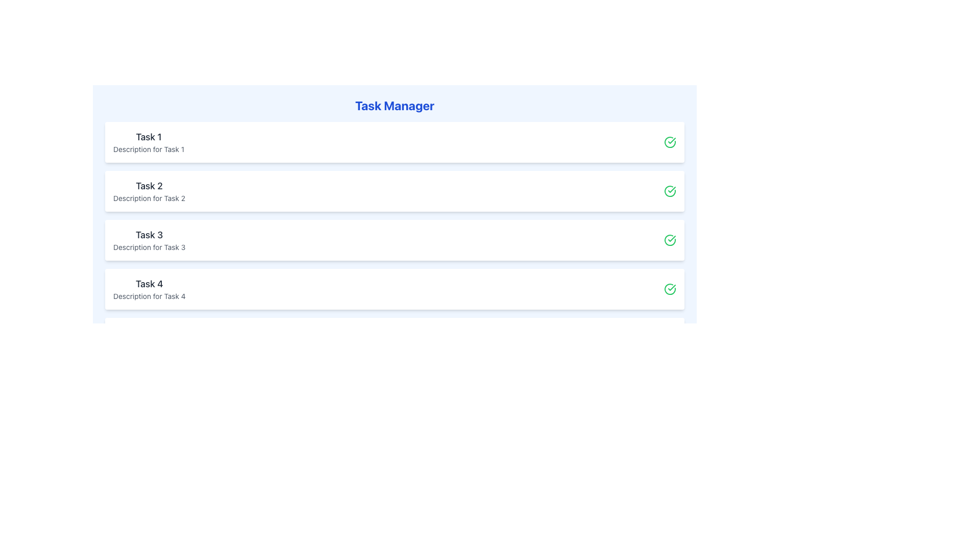  I want to click on the text label displaying 'Task 4' which is part of the fourth task card in a vertical list, styled in gray and bold font, so click(149, 284).